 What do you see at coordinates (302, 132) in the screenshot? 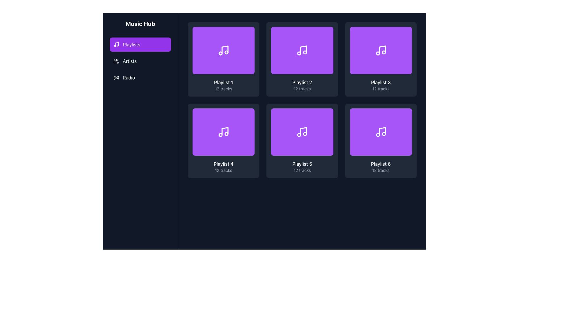
I see `the SVG music note icon located` at bounding box center [302, 132].